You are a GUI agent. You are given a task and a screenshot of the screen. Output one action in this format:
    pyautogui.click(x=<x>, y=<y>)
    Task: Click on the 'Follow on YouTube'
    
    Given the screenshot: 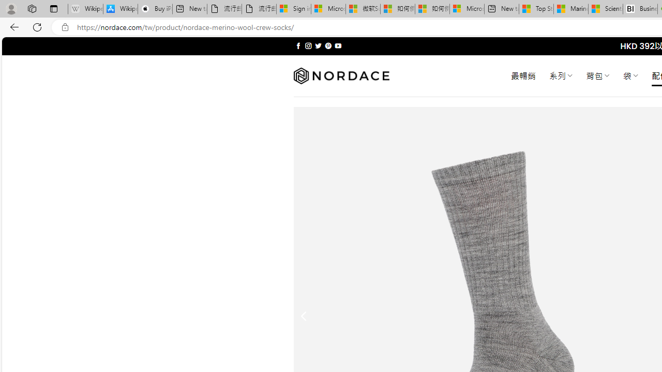 What is the action you would take?
    pyautogui.click(x=338, y=45)
    